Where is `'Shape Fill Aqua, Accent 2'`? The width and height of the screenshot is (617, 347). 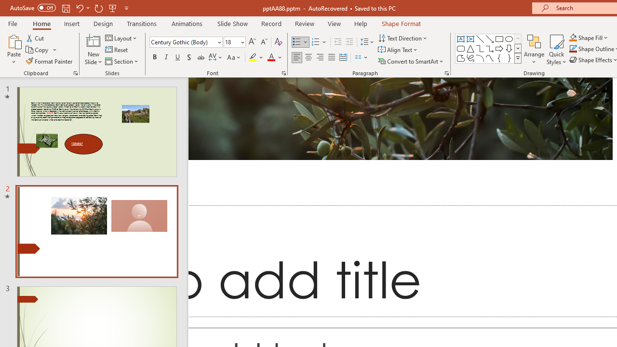 'Shape Fill Aqua, Accent 2' is located at coordinates (573, 37).